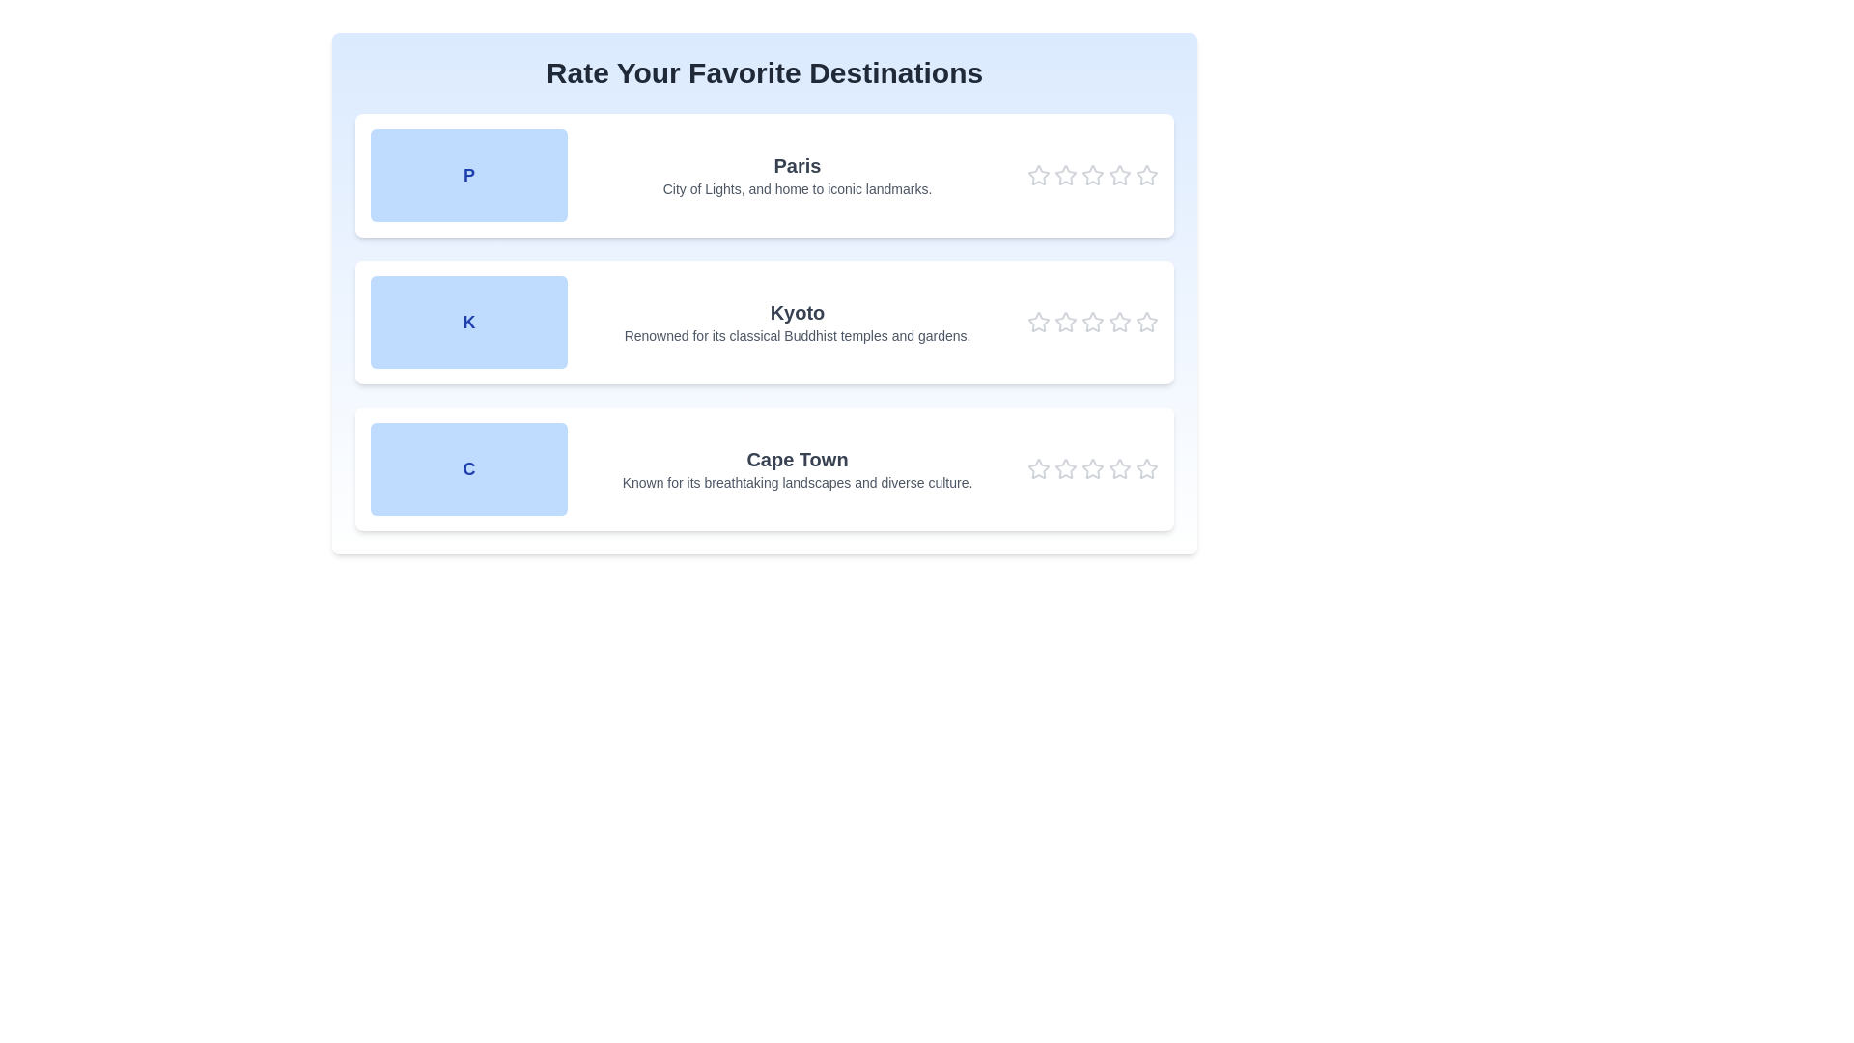 The height and width of the screenshot is (1043, 1854). I want to click on the second card in the destination list for 'Kyoto', so click(764, 294).